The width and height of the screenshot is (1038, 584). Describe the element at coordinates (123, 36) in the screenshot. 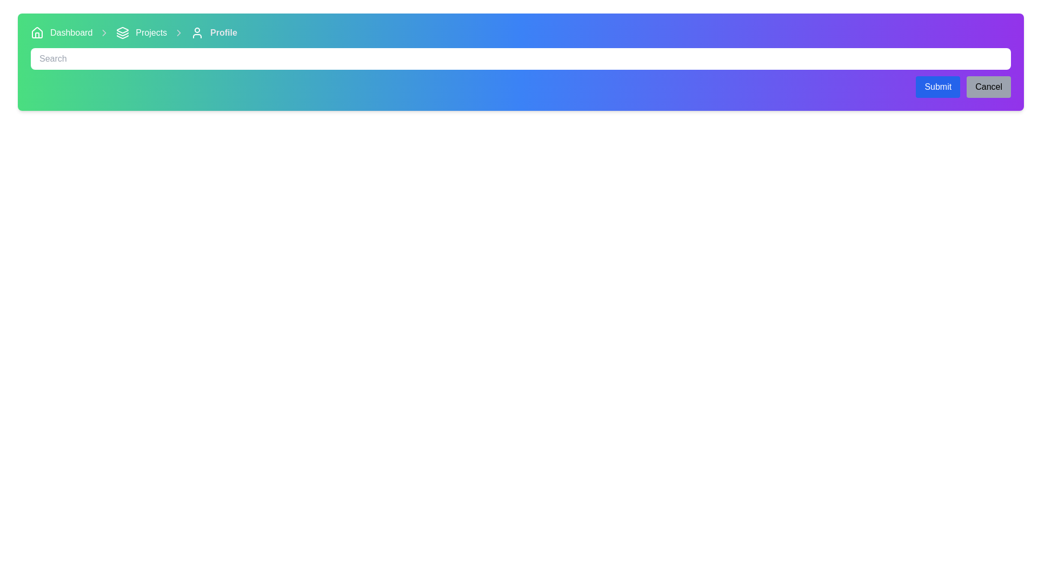

I see `third layer of the stack icon in the 'Projects' section of the top navigation bar for design or development purposes` at that location.